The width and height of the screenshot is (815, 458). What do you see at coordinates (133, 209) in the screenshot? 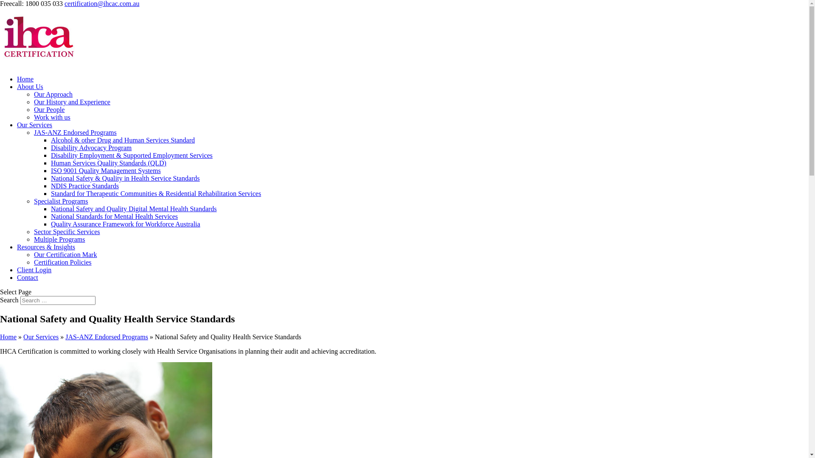
I see `'National Safety and Quality Digital Mental Health Standards'` at bounding box center [133, 209].